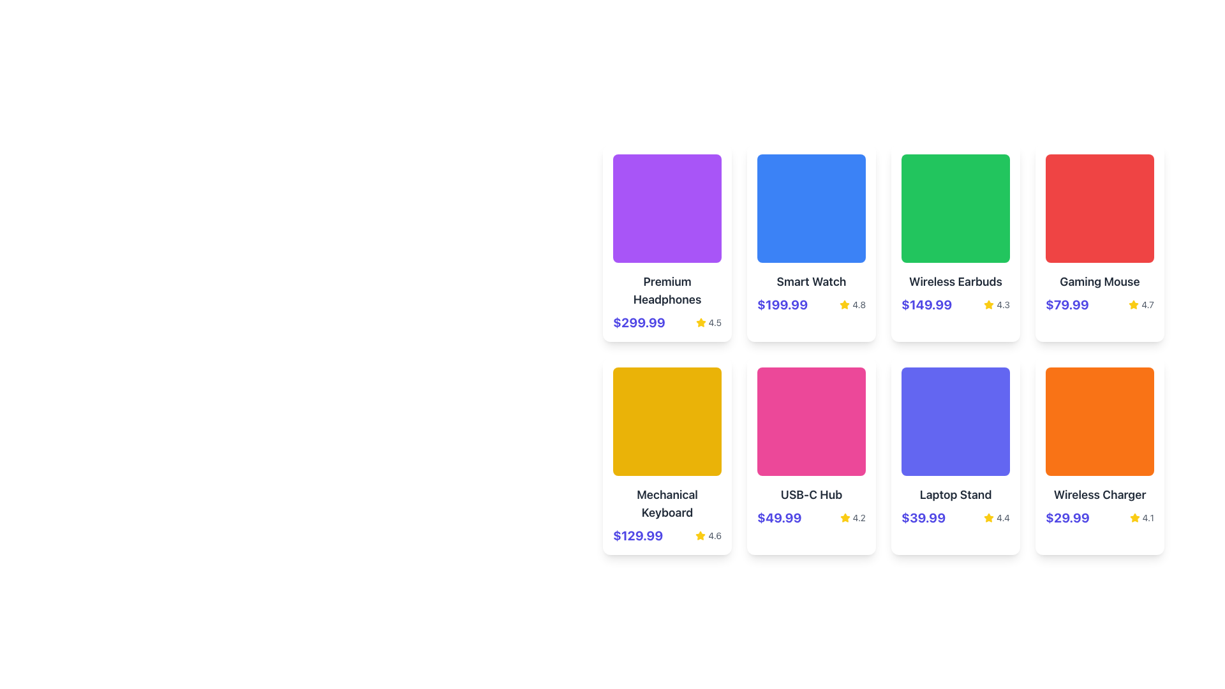 The width and height of the screenshot is (1225, 689). Describe the element at coordinates (845, 304) in the screenshot. I see `the yellow star icon in the bottom-right corner of the 'Smart Watch' product card to interact with the rating feature` at that location.